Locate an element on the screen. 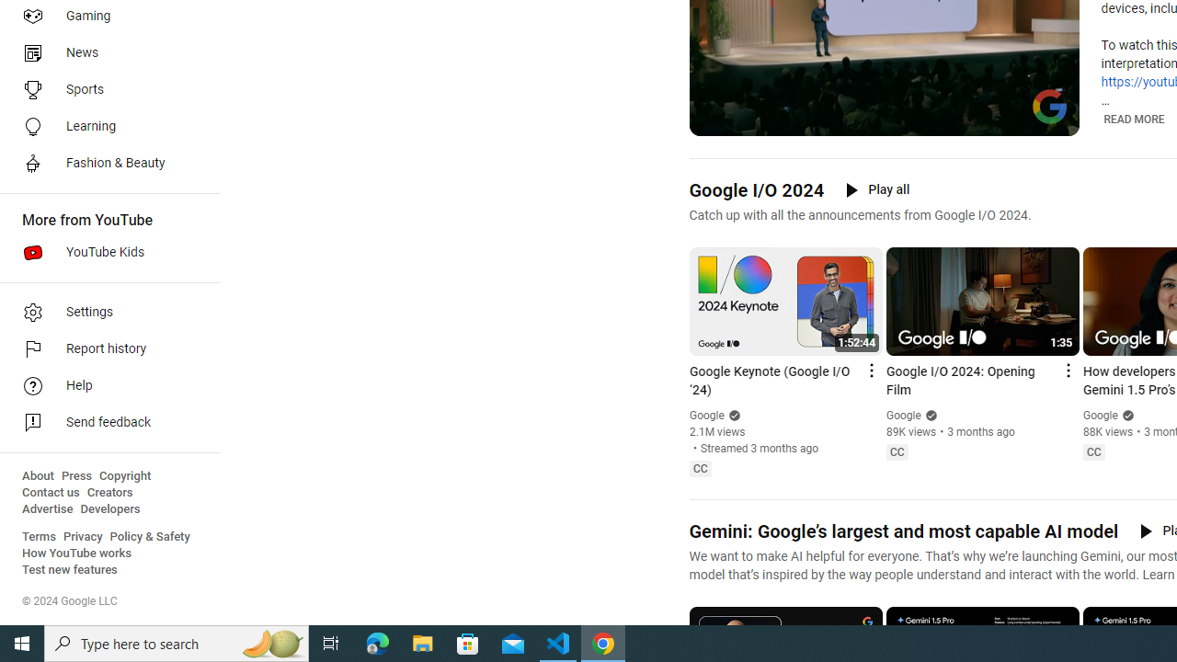 The height and width of the screenshot is (662, 1177). 'Send feedback' is located at coordinates (103, 423).